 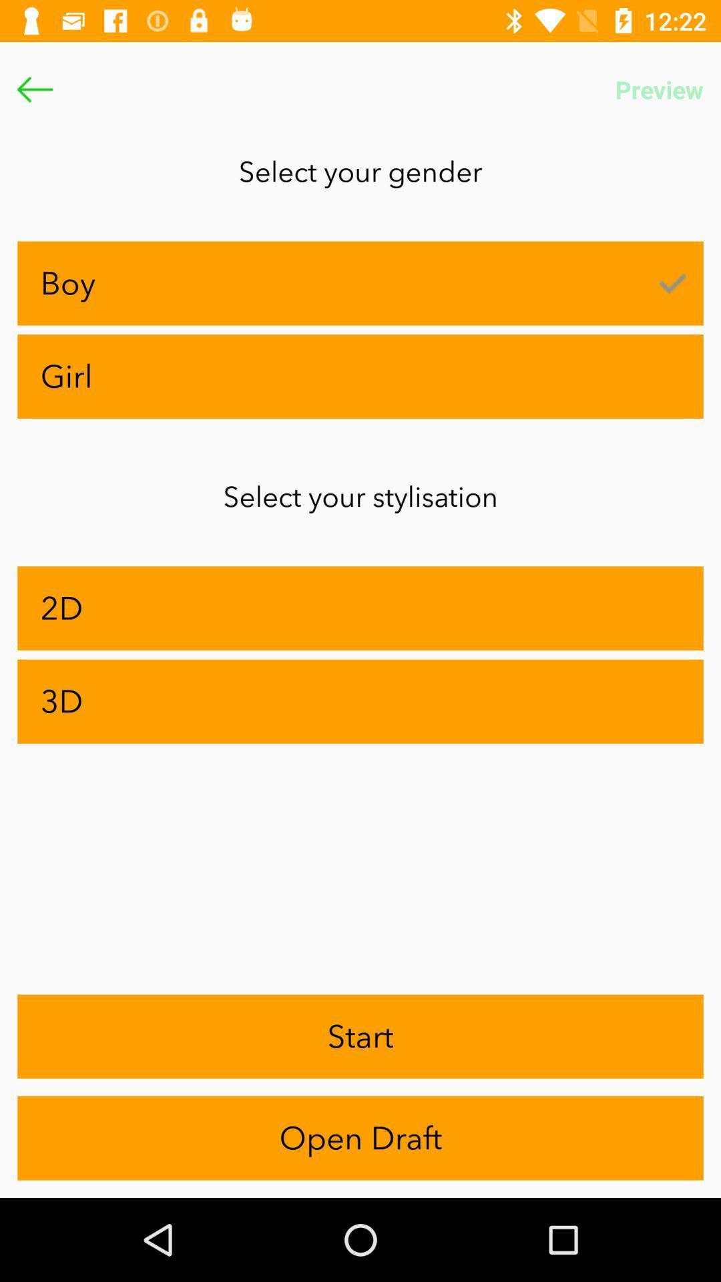 I want to click on item at the top left corner, so click(x=34, y=89).